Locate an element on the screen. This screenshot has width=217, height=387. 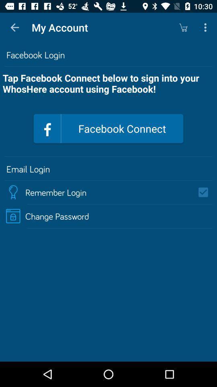
item above the facebook login item is located at coordinates (14, 27).